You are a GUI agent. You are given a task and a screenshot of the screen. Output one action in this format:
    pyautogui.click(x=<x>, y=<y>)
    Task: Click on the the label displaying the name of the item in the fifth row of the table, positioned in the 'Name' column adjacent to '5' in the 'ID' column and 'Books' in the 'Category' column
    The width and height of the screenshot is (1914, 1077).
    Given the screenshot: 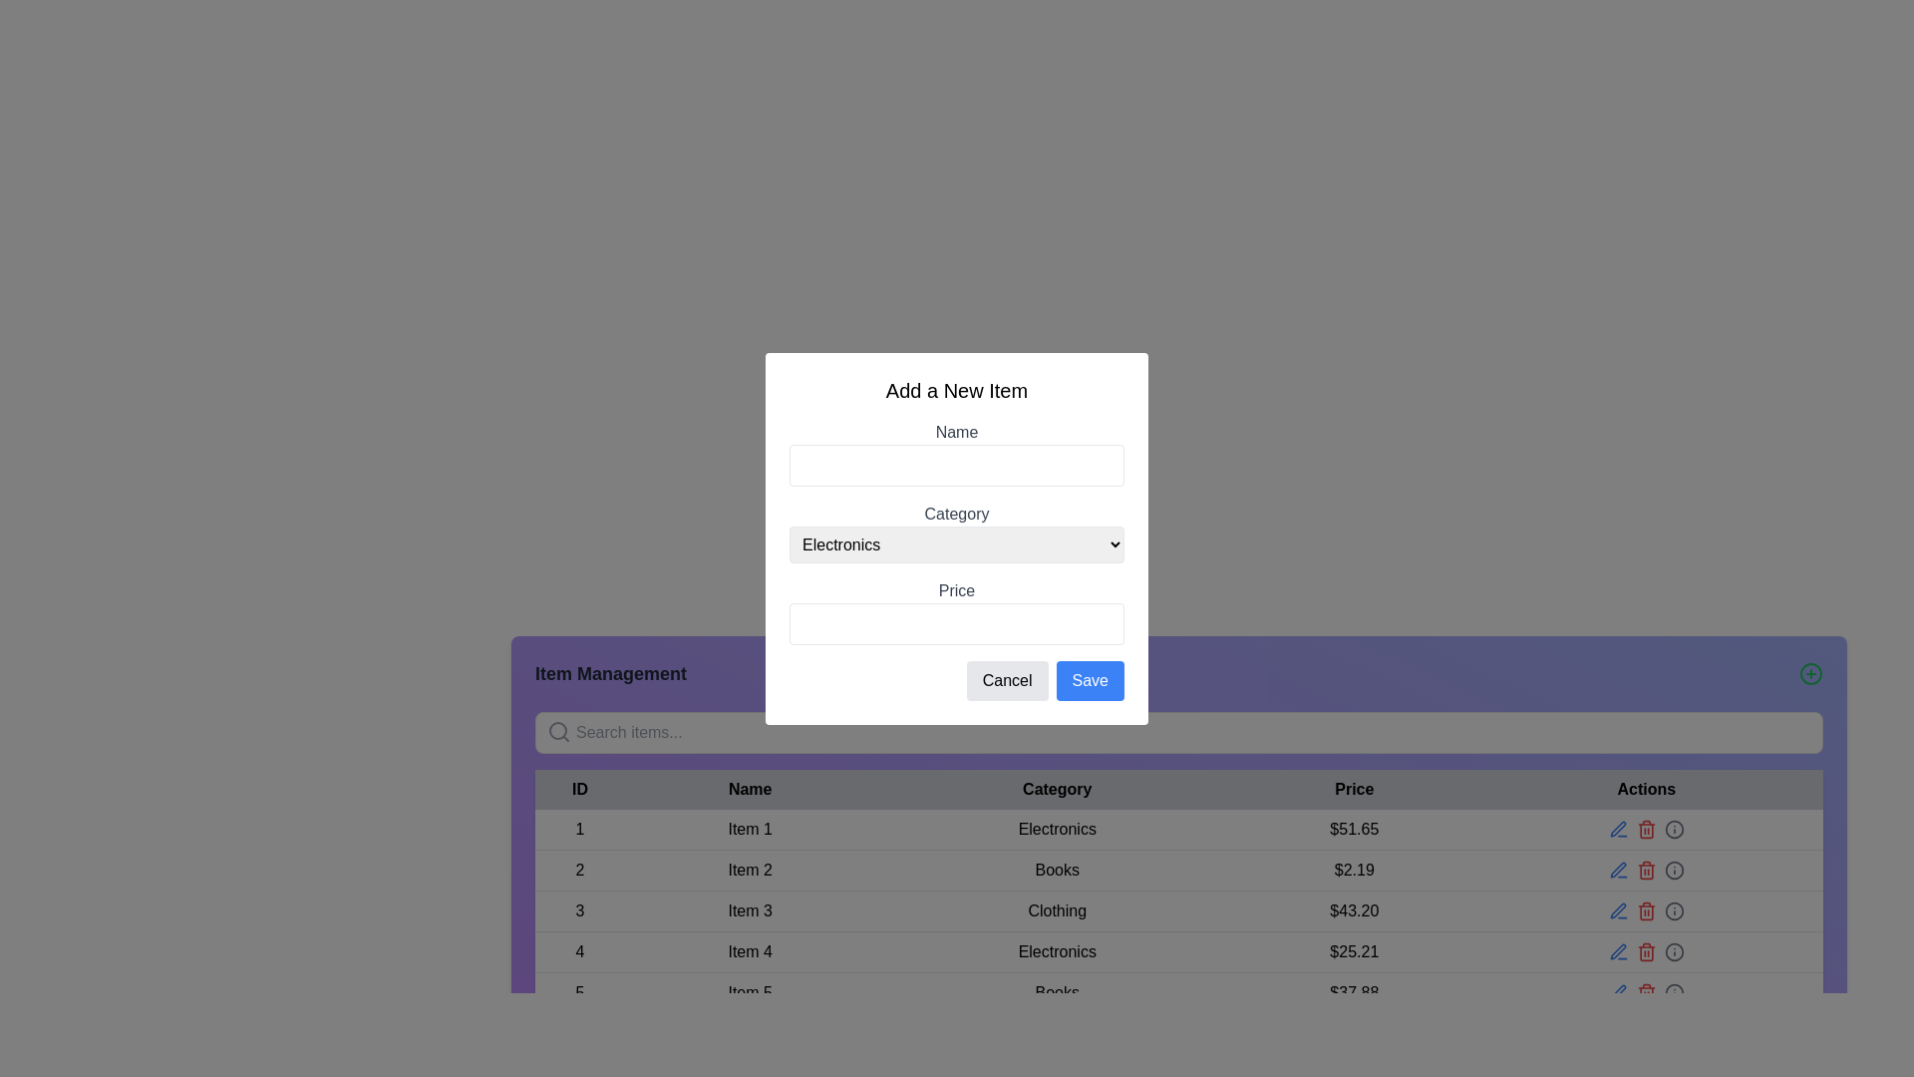 What is the action you would take?
    pyautogui.click(x=749, y=992)
    